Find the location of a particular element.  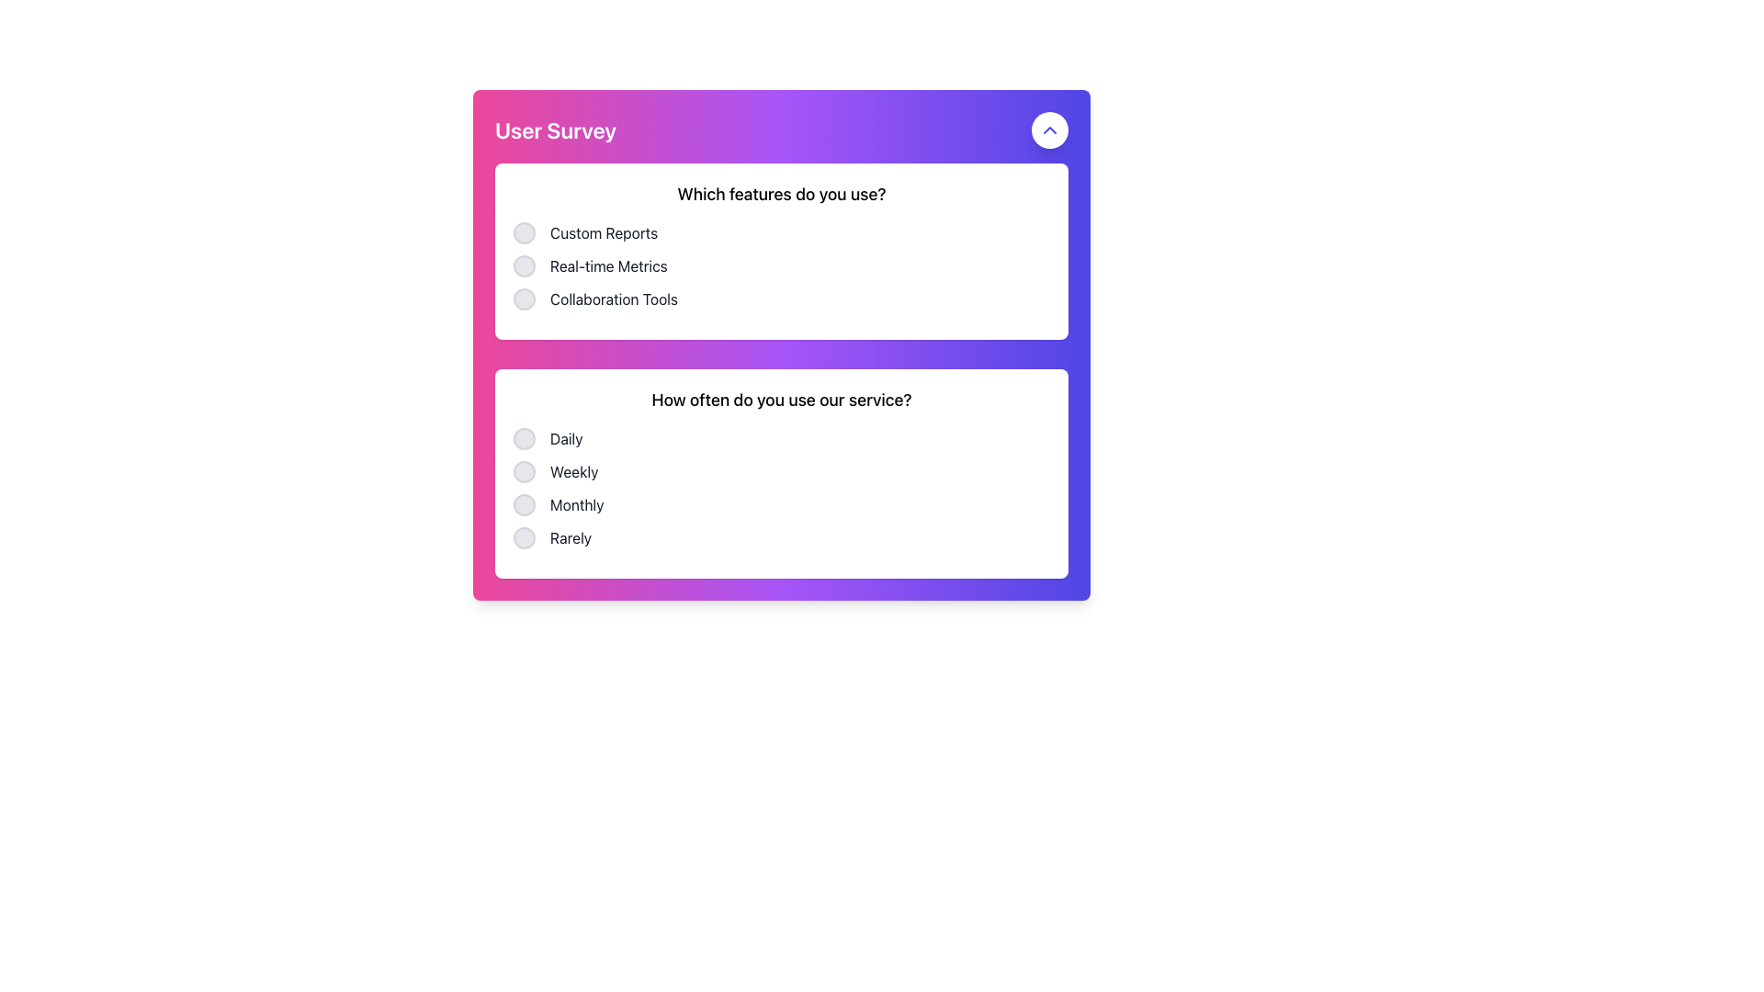

the circular radio button with a light gray background and darker gray border is located at coordinates (524, 439).